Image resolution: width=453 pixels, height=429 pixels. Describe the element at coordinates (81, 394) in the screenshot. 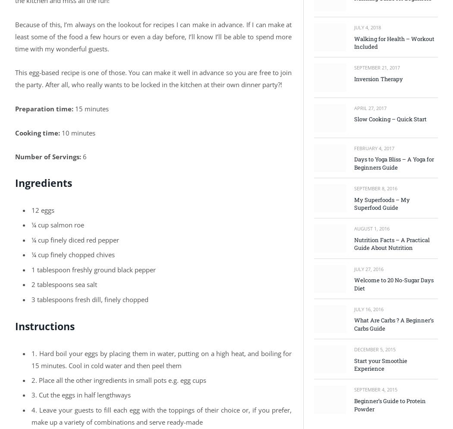

I see `'3. Cut the eggs in half lengthways'` at that location.